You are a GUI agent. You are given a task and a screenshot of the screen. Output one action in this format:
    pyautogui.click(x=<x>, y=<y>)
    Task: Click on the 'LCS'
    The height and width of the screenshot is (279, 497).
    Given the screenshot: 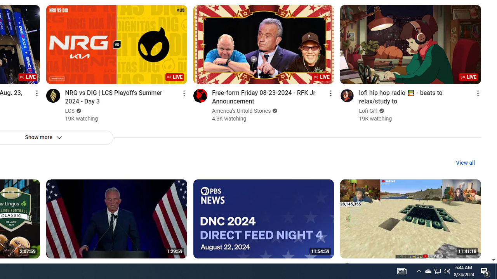 What is the action you would take?
    pyautogui.click(x=70, y=111)
    